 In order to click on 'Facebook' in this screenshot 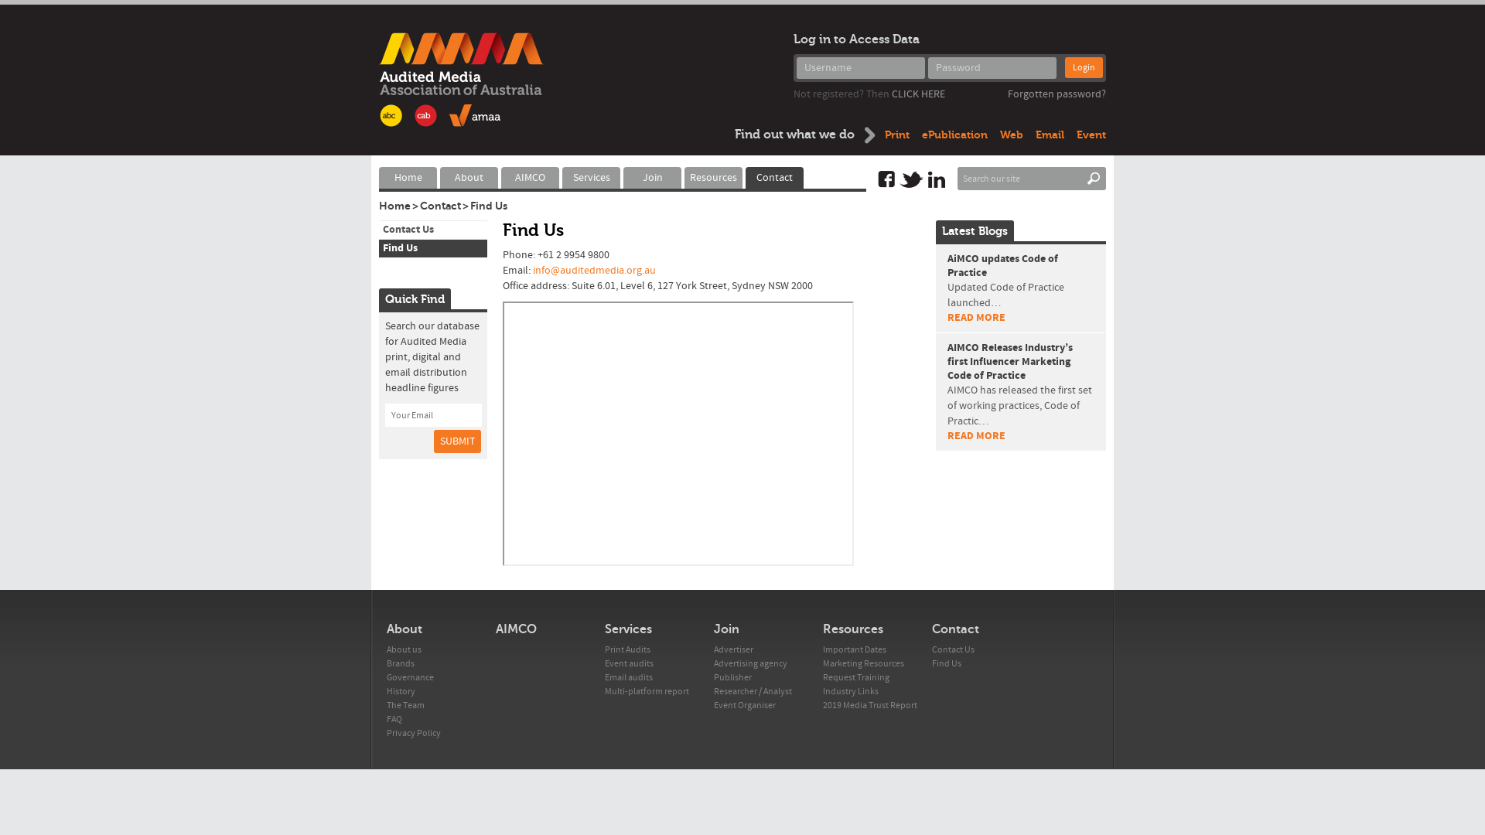, I will do `click(886, 178)`.